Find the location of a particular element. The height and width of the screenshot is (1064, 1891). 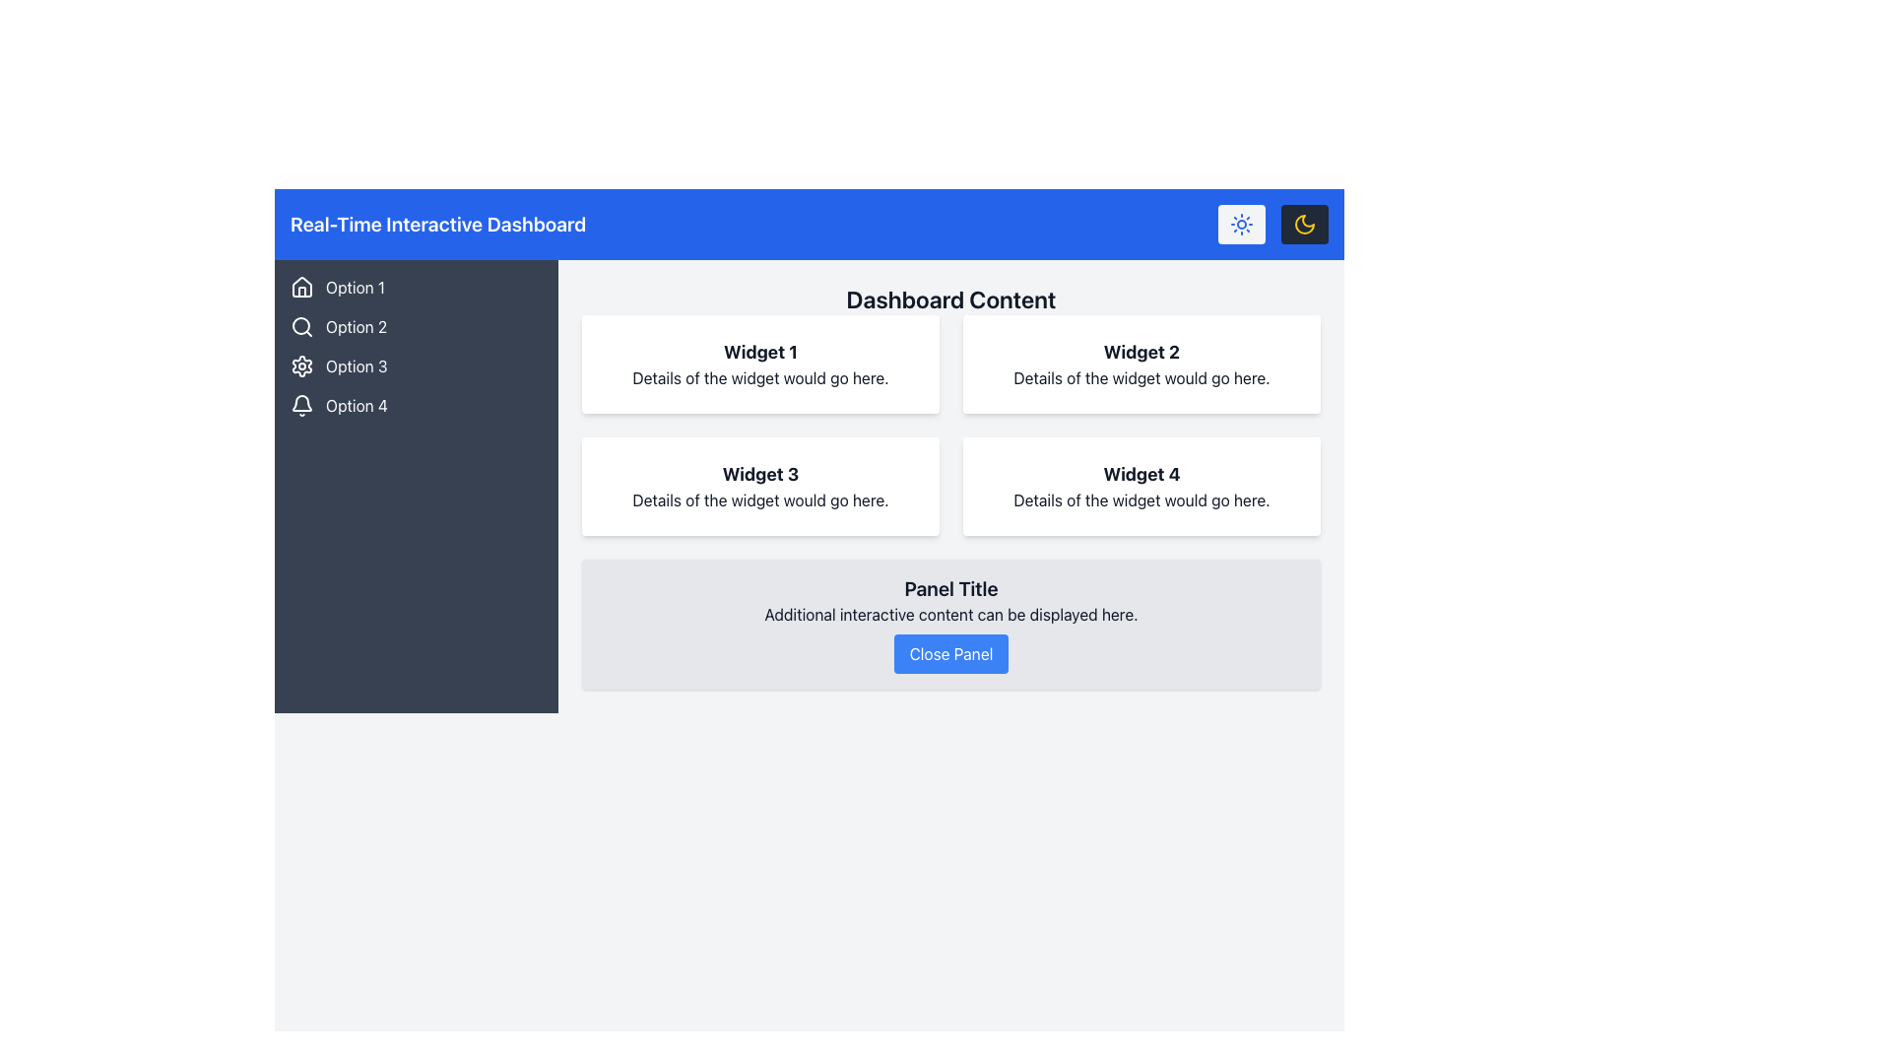

the 'Close Panel' button is located at coordinates (950, 653).